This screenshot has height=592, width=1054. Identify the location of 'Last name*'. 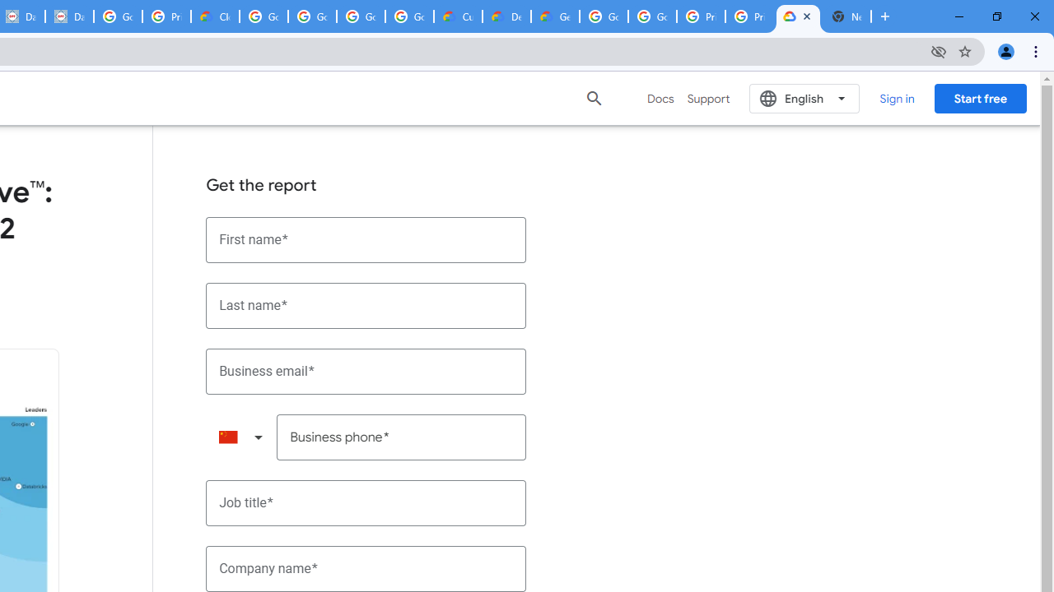
(366, 305).